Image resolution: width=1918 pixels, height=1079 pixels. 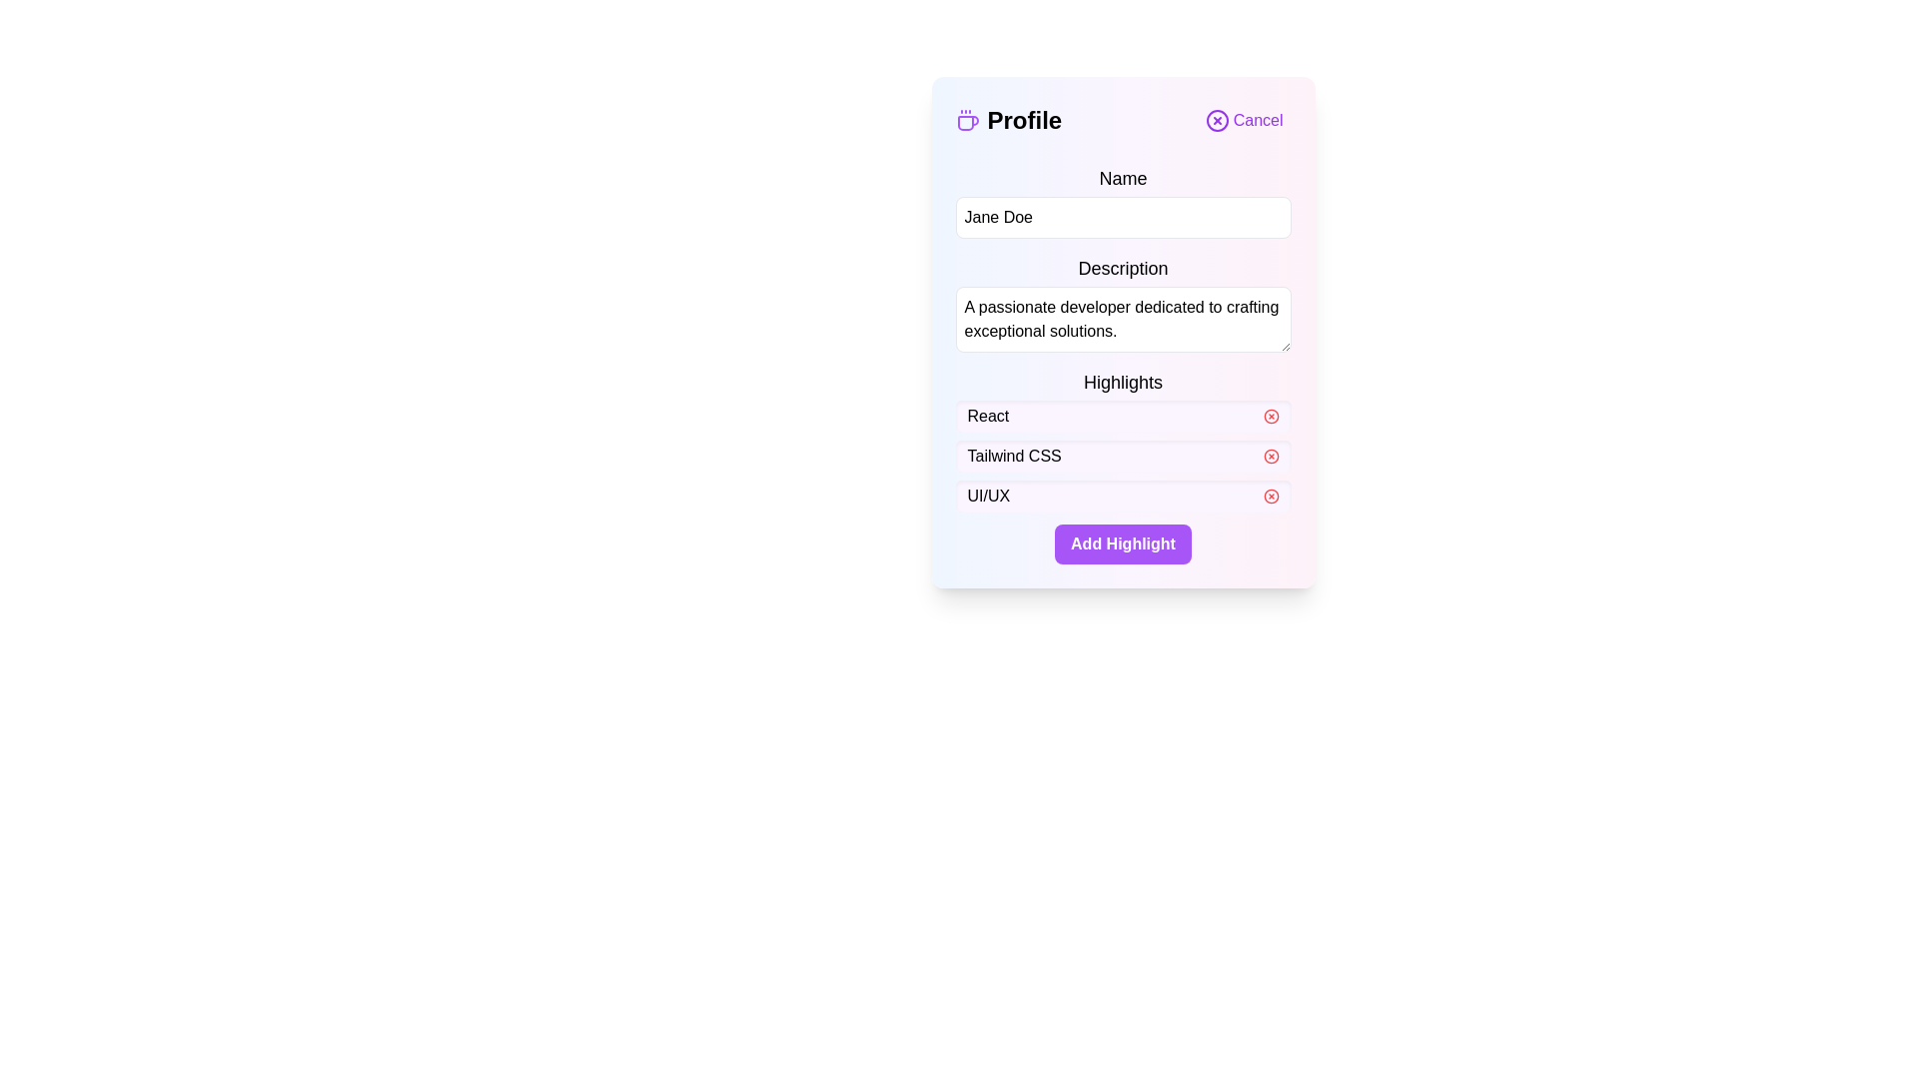 I want to click on the 'Tailwind CSS' text label, which is displayed in a stylized box with a purple background within the 'Highlights' section of the profile card interface, so click(x=1014, y=456).